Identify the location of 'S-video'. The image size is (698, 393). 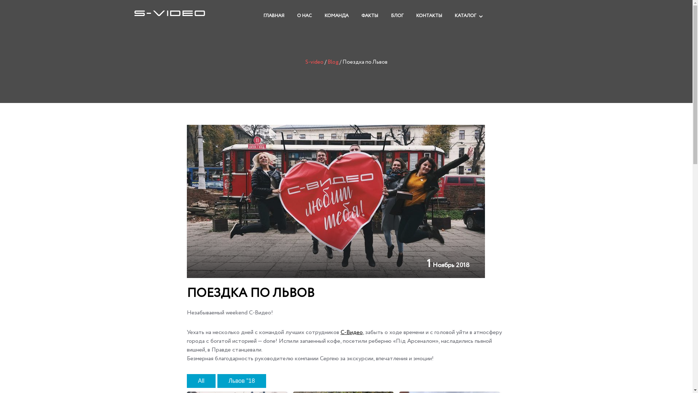
(314, 61).